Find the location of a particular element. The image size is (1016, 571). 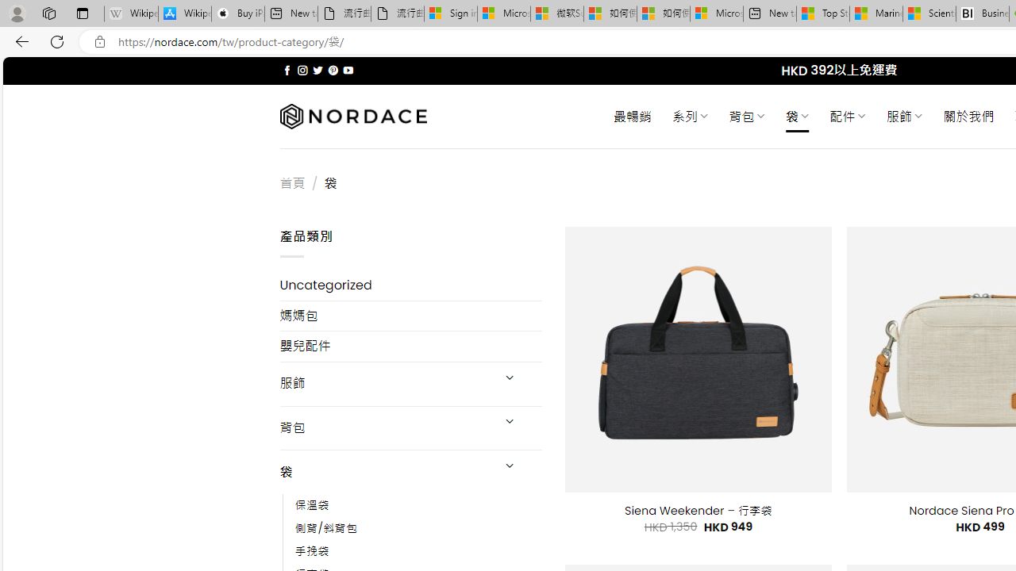

'Buy iPad - Apple' is located at coordinates (237, 13).